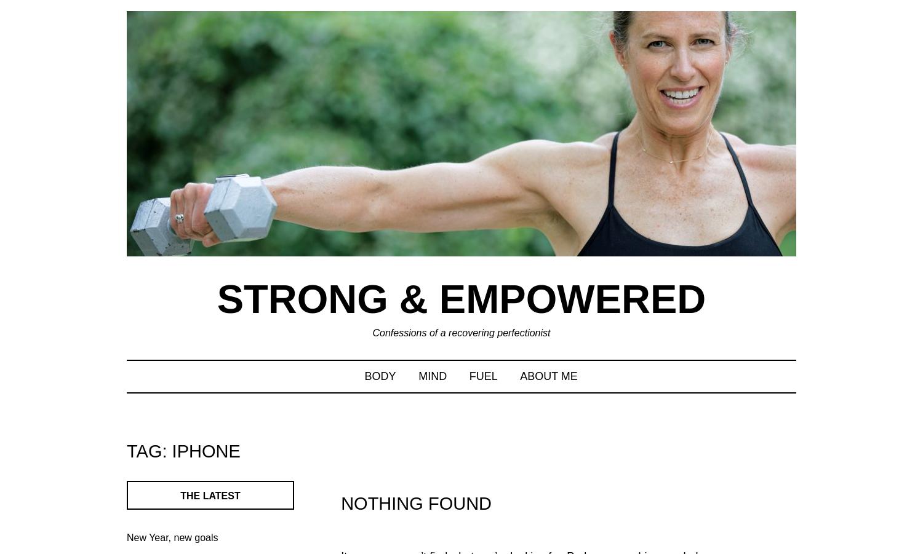 The image size is (923, 554). What do you see at coordinates (548, 374) in the screenshot?
I see `'ABOUT ME'` at bounding box center [548, 374].